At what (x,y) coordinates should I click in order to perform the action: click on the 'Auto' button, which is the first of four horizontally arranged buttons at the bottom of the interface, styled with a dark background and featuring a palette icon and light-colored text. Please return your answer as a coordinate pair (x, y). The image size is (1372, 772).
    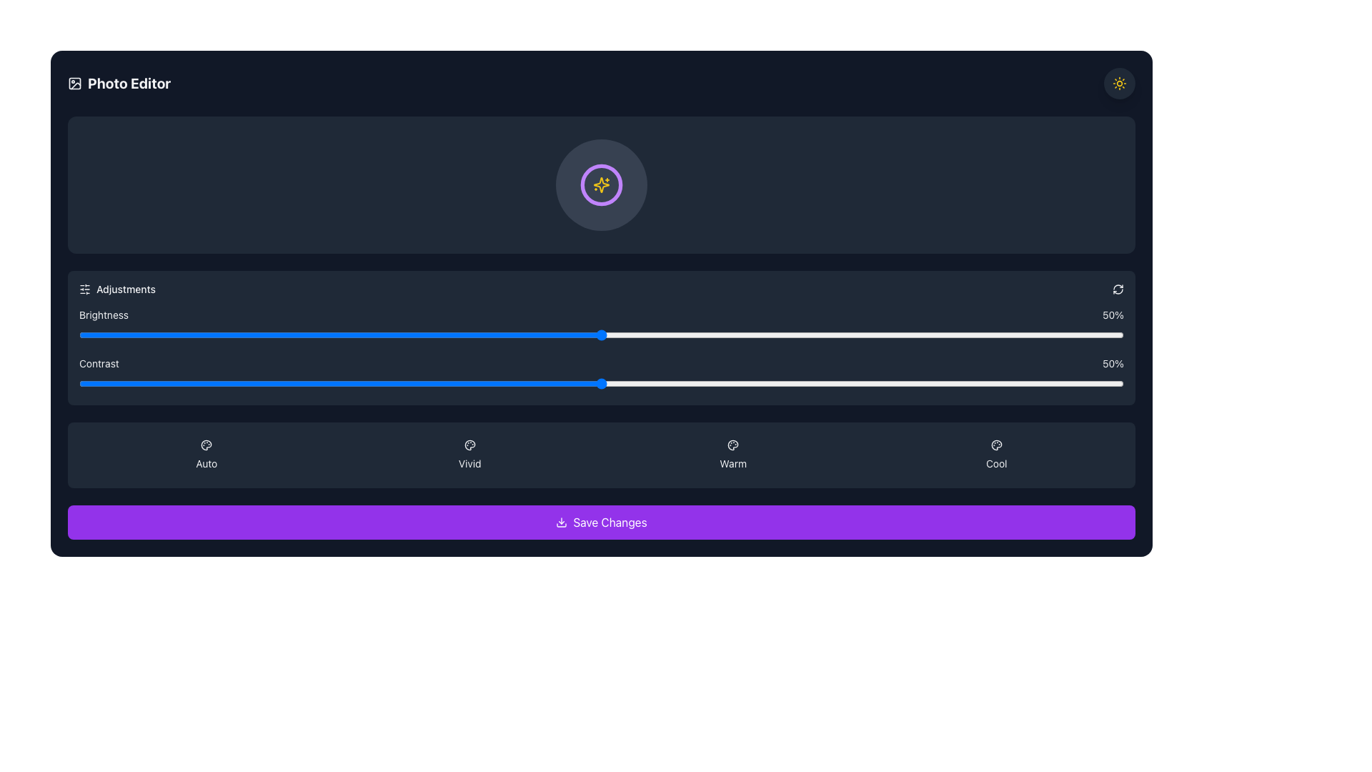
    Looking at the image, I should click on (206, 455).